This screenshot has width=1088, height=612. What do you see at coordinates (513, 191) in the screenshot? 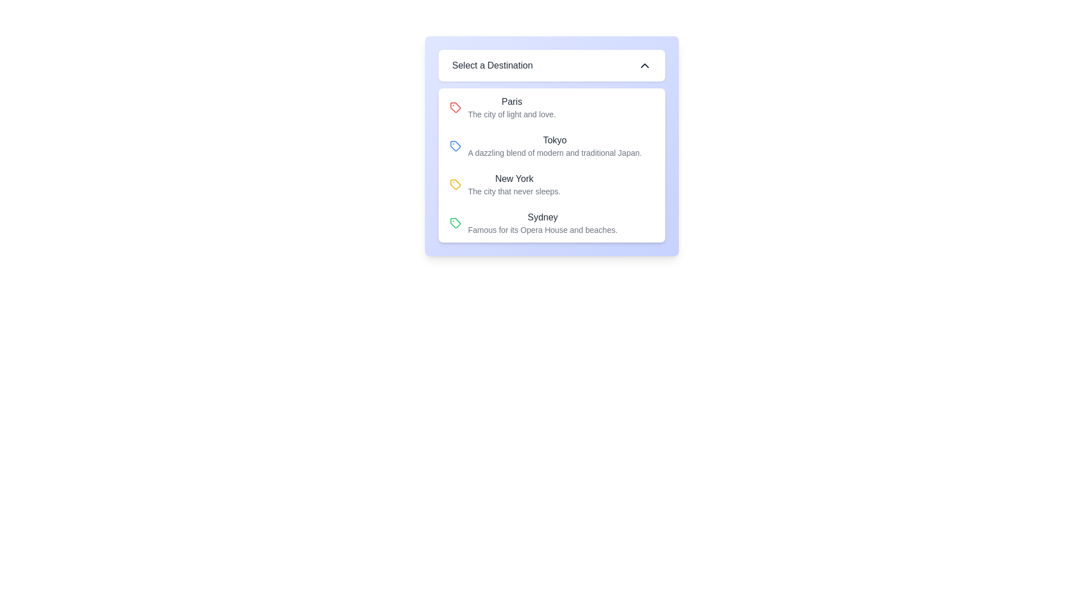
I see `the text label displaying 'The city that never sleeps.' which is located beneath the title 'New York' in the dropdown menu 'Select a Destination.'` at bounding box center [513, 191].